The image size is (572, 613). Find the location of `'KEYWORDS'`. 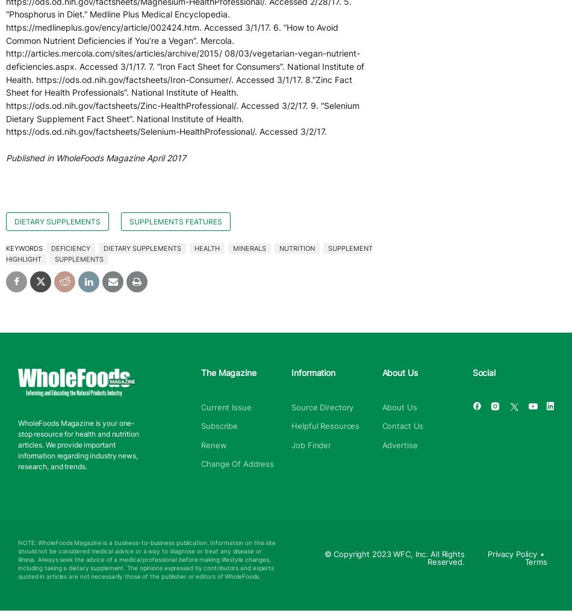

'KEYWORDS' is located at coordinates (25, 248).